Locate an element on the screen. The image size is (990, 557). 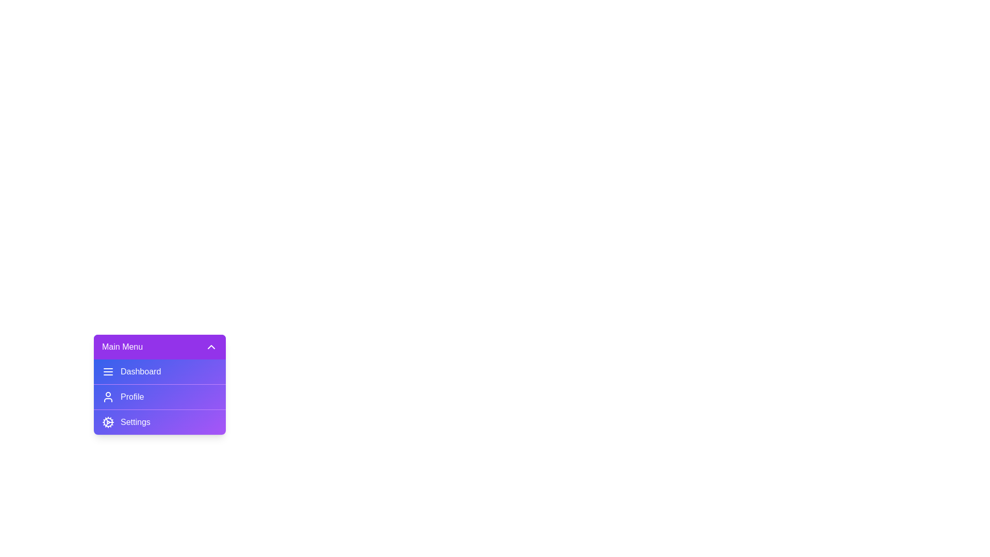
the menu icon with three horizontal lines located to the left of the 'Dashboard' label in the Main Menu is located at coordinates (108, 372).